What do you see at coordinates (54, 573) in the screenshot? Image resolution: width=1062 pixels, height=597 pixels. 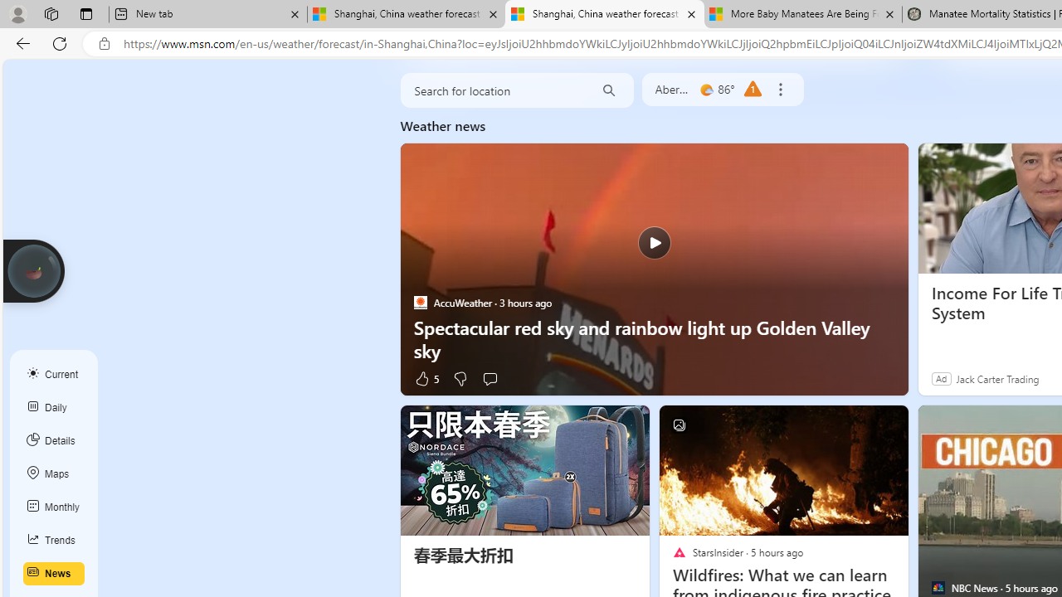 I see `'News'` at bounding box center [54, 573].